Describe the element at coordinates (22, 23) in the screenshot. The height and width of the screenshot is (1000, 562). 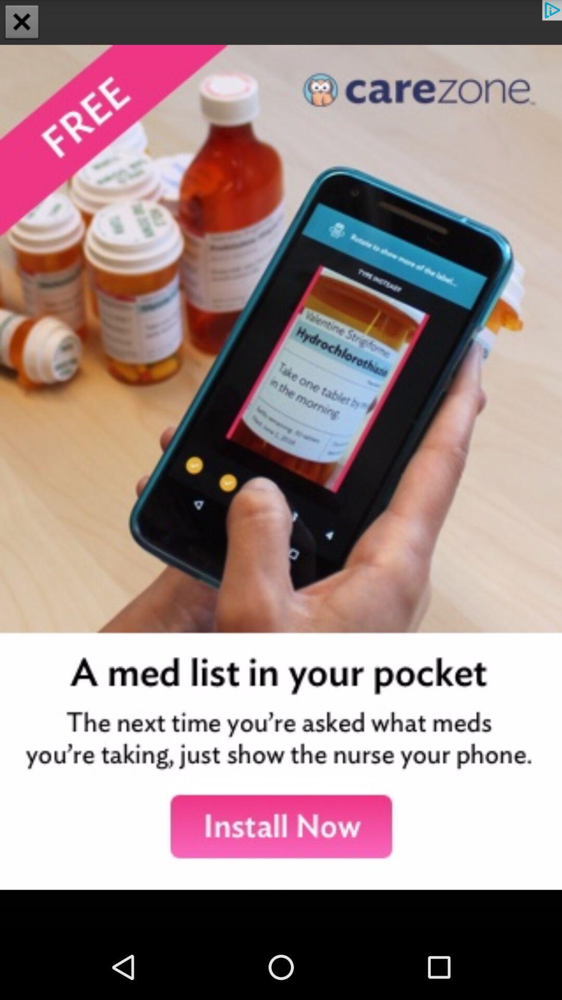
I see `the close icon` at that location.